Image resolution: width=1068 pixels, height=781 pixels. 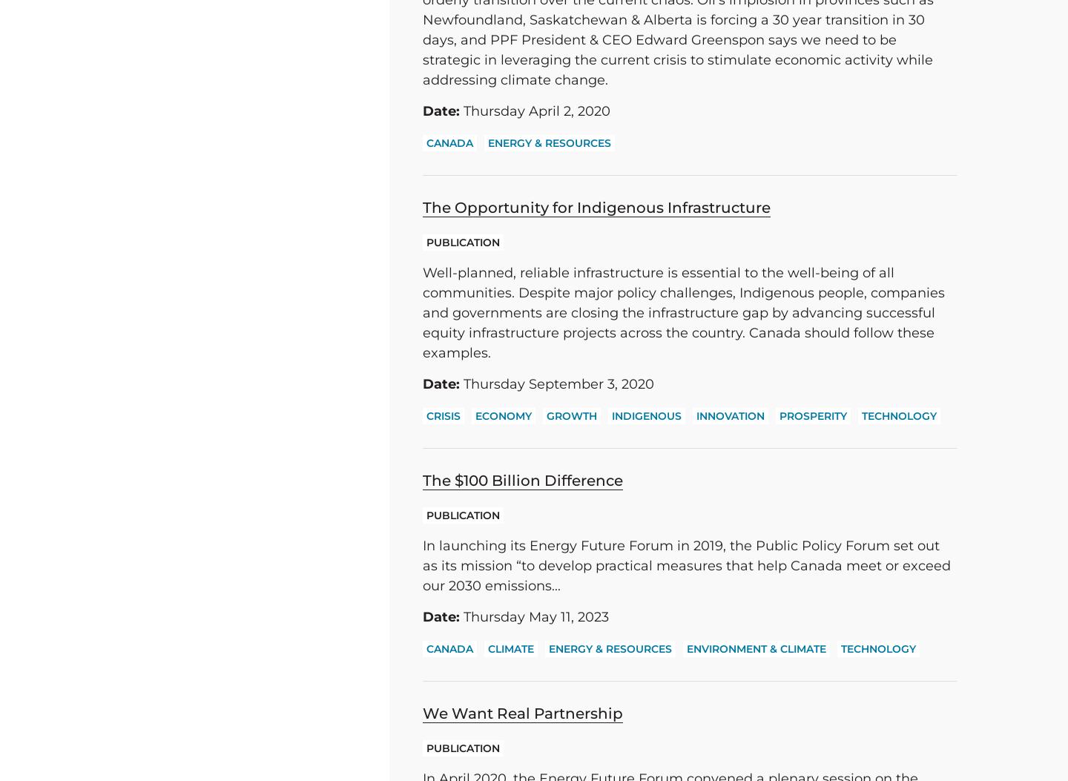 What do you see at coordinates (523, 480) in the screenshot?
I see `'The $100 Billion Difference'` at bounding box center [523, 480].